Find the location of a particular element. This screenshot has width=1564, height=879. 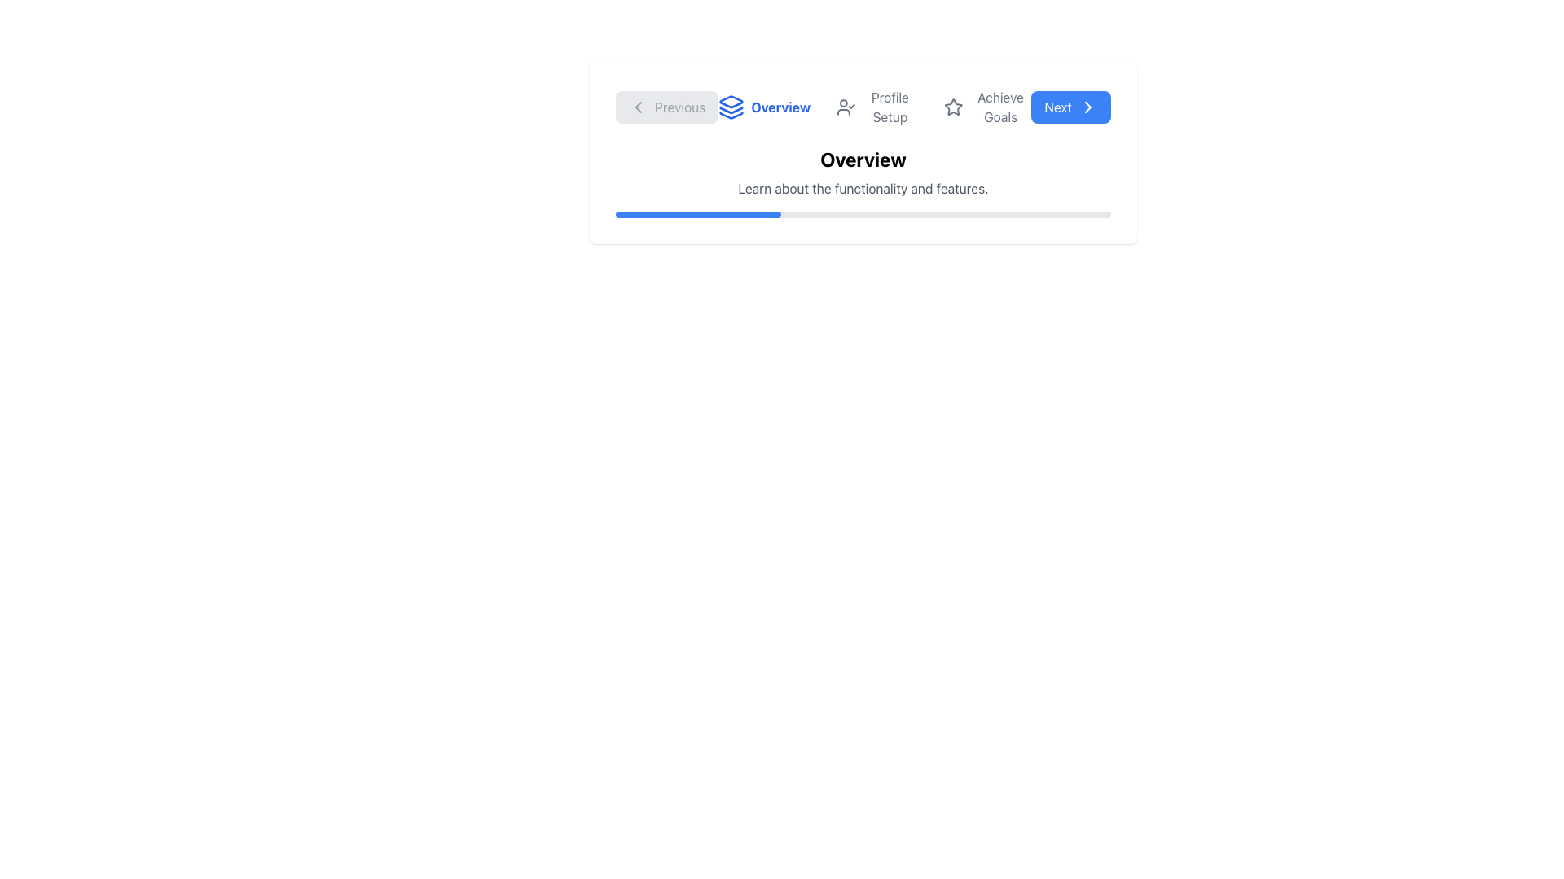

the 'Overview' label, which is styled in blue font and located in the horizontal navigation bar, positioned slightly right of the center, adjacent to a layered icon is located at coordinates (780, 107).